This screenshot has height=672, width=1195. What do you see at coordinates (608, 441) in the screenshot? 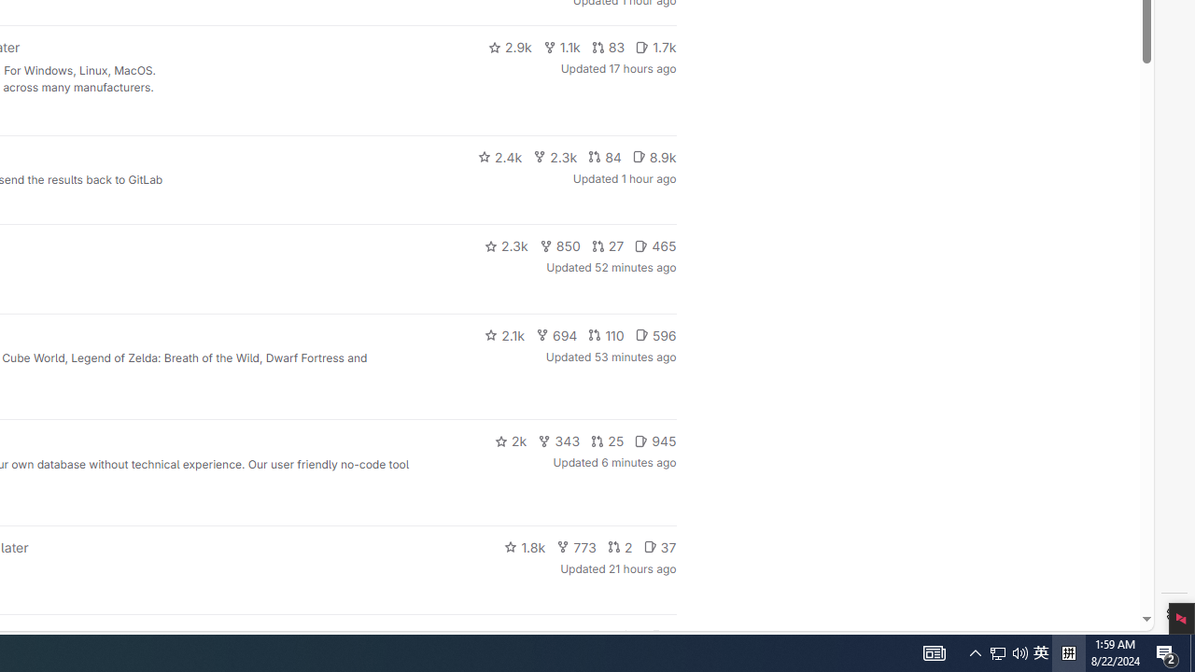
I see `'25'` at bounding box center [608, 441].